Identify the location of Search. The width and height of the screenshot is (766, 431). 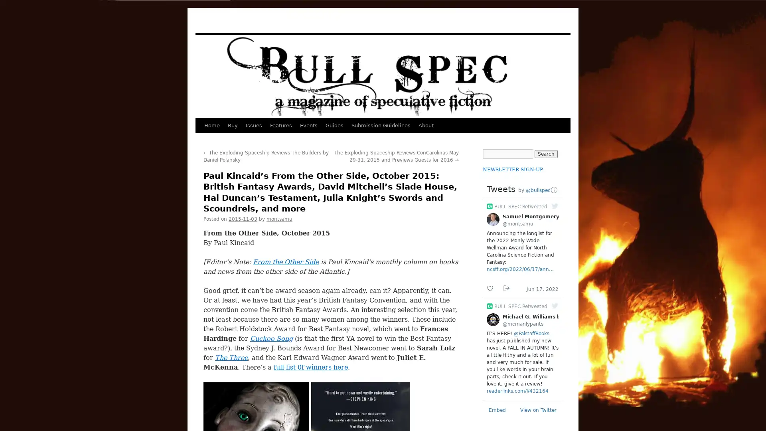
(545, 154).